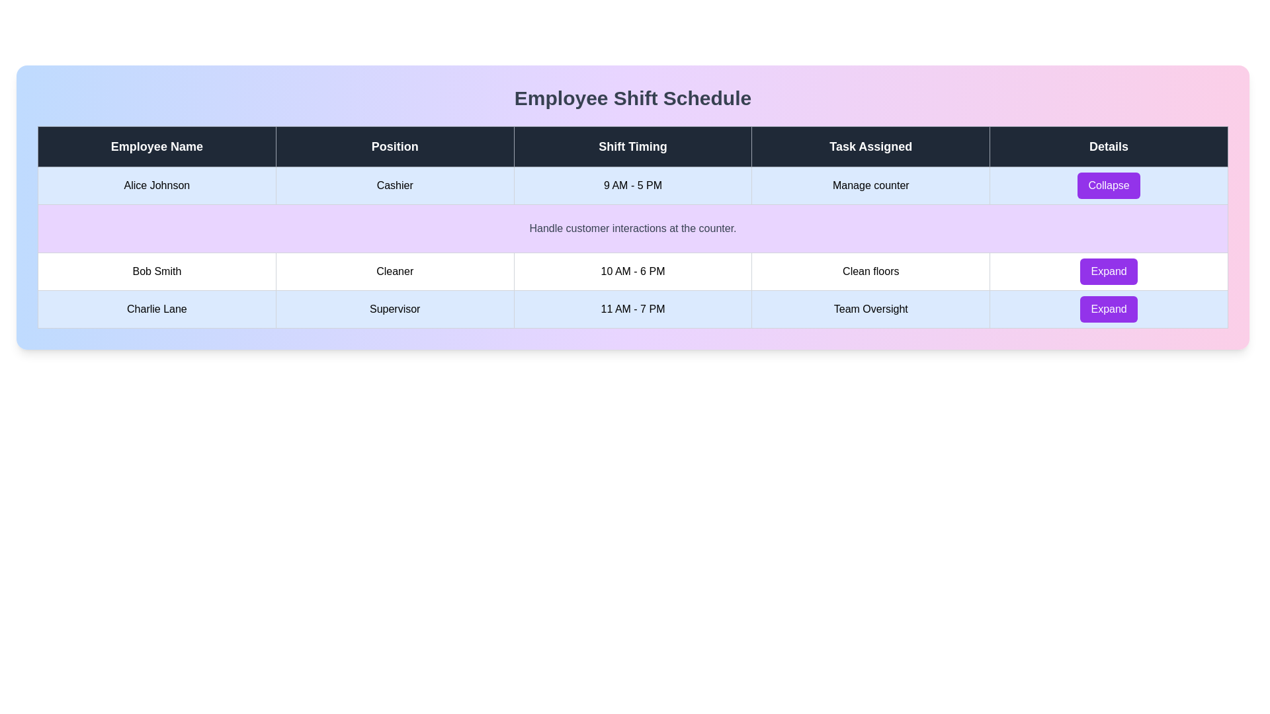 This screenshot has height=714, width=1270. Describe the element at coordinates (1109, 309) in the screenshot. I see `the button located in the last row of the table under the 'Details' column to observe the background color change` at that location.